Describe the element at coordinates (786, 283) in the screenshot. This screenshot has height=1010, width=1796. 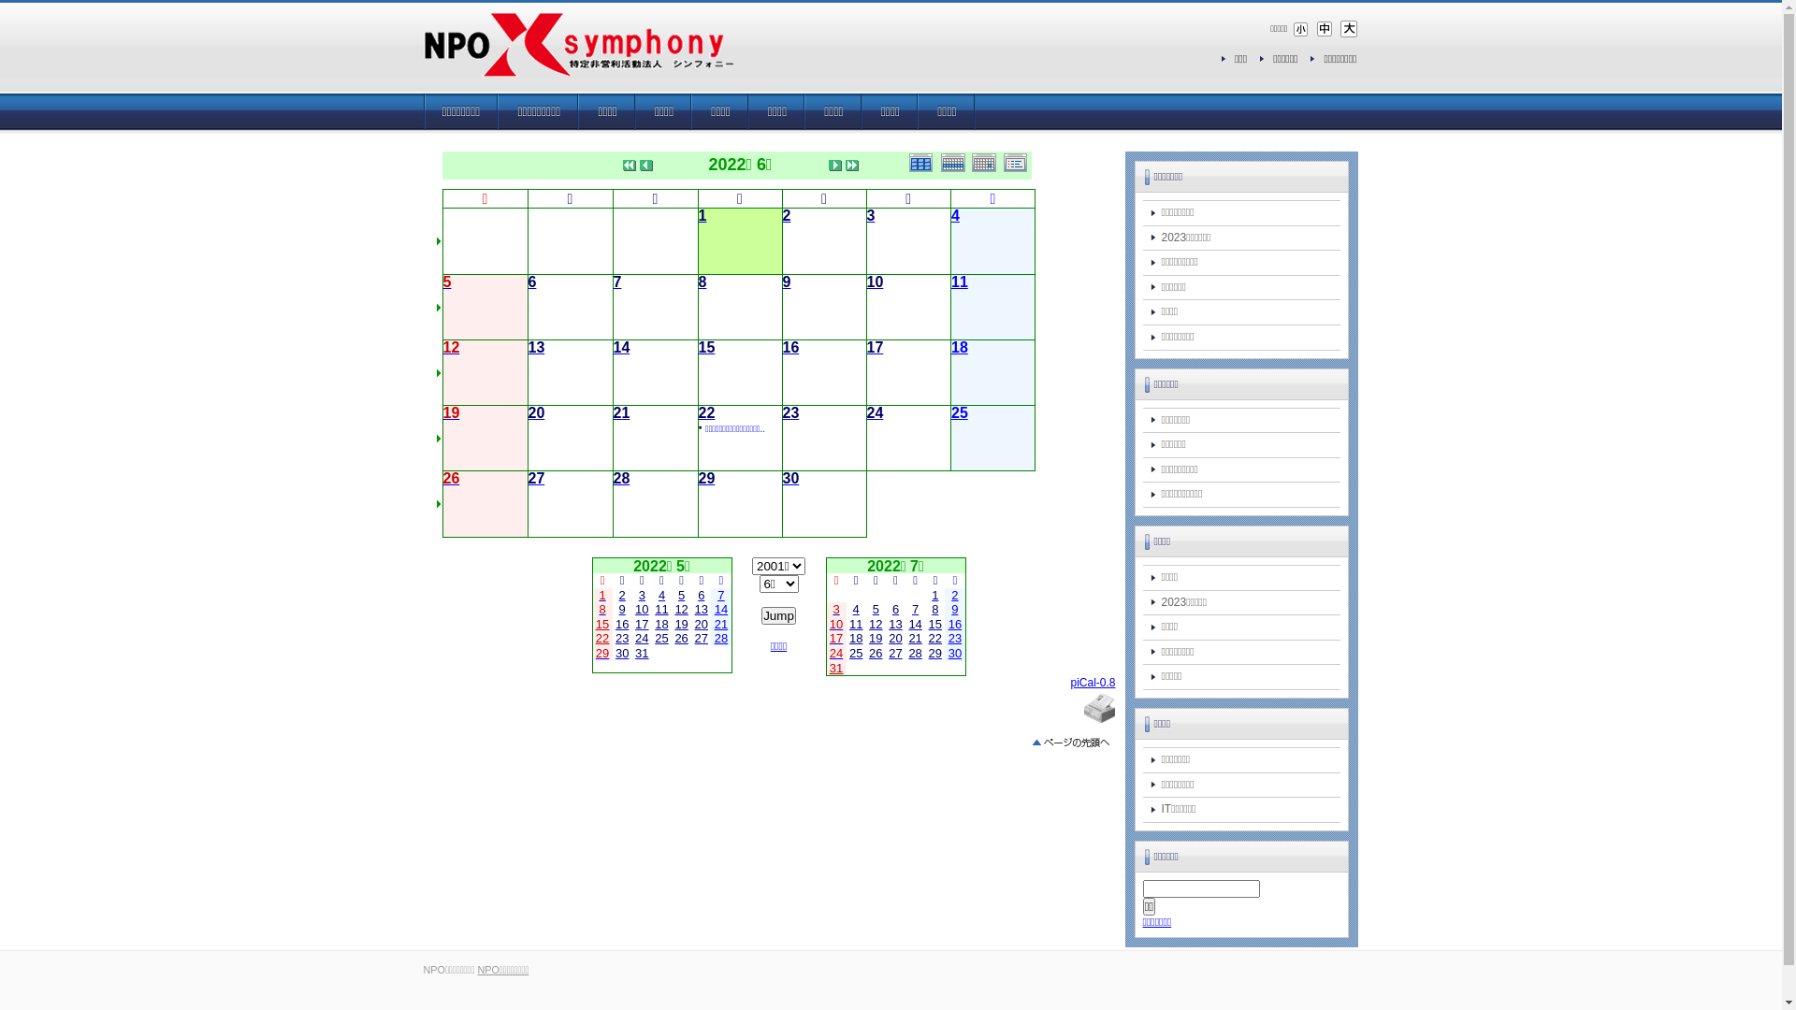
I see `'9'` at that location.